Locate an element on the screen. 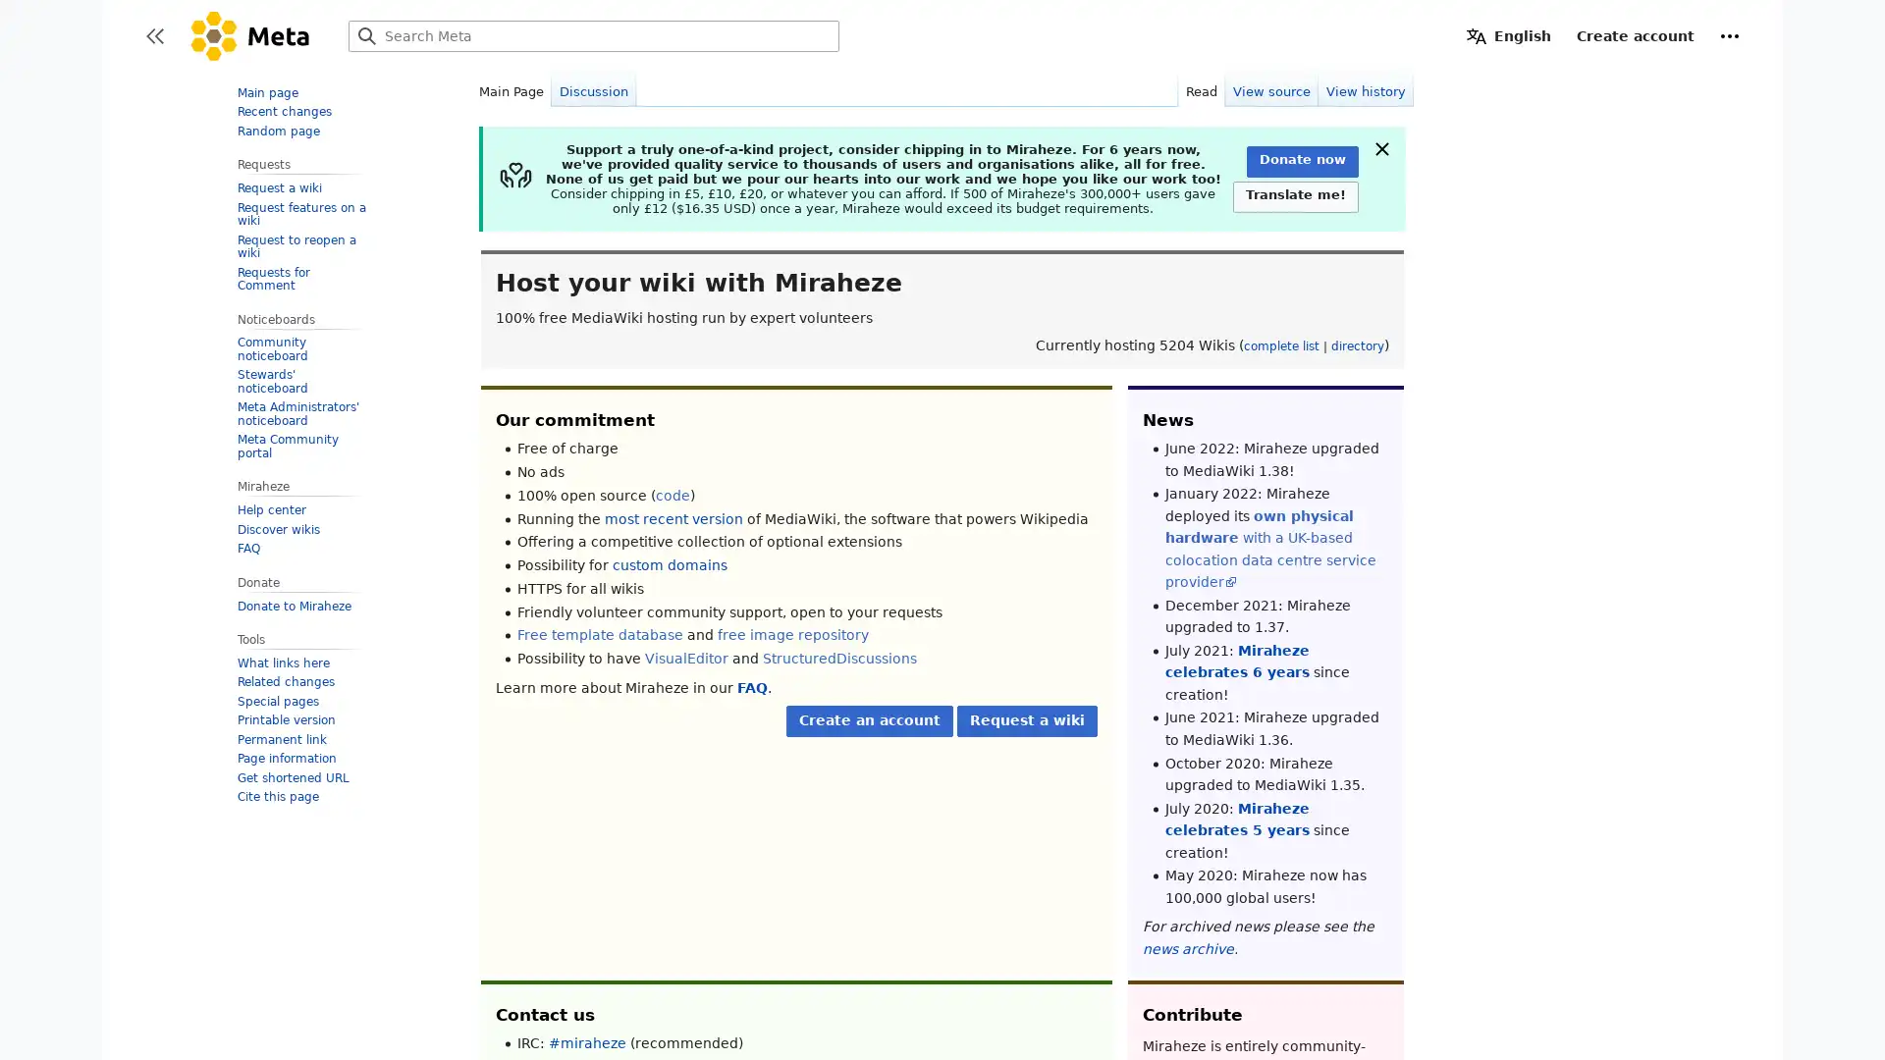  Search is located at coordinates (367, 36).